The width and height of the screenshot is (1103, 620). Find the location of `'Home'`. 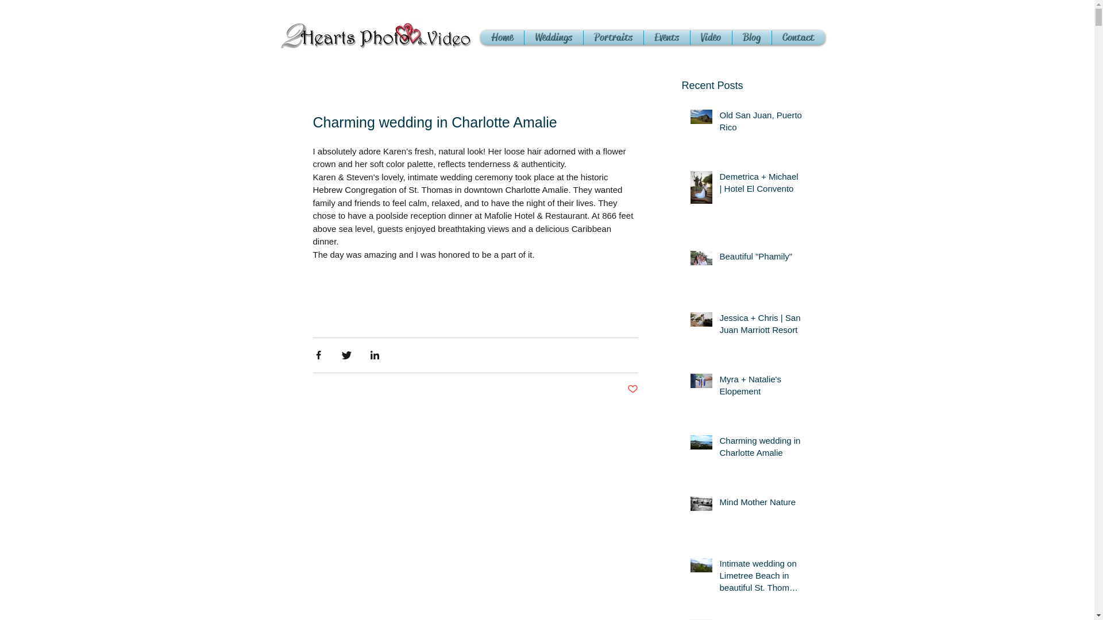

'Home' is located at coordinates (480, 37).